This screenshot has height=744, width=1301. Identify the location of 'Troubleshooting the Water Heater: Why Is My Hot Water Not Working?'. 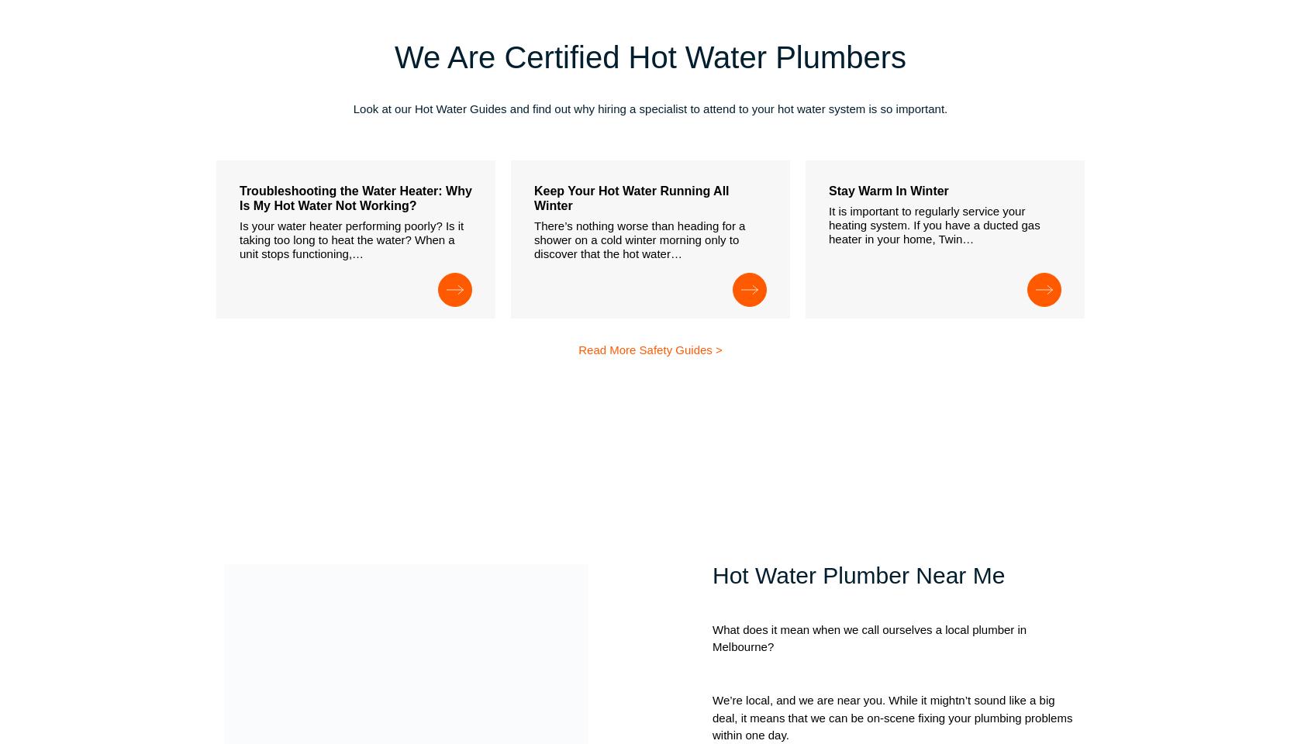
(354, 196).